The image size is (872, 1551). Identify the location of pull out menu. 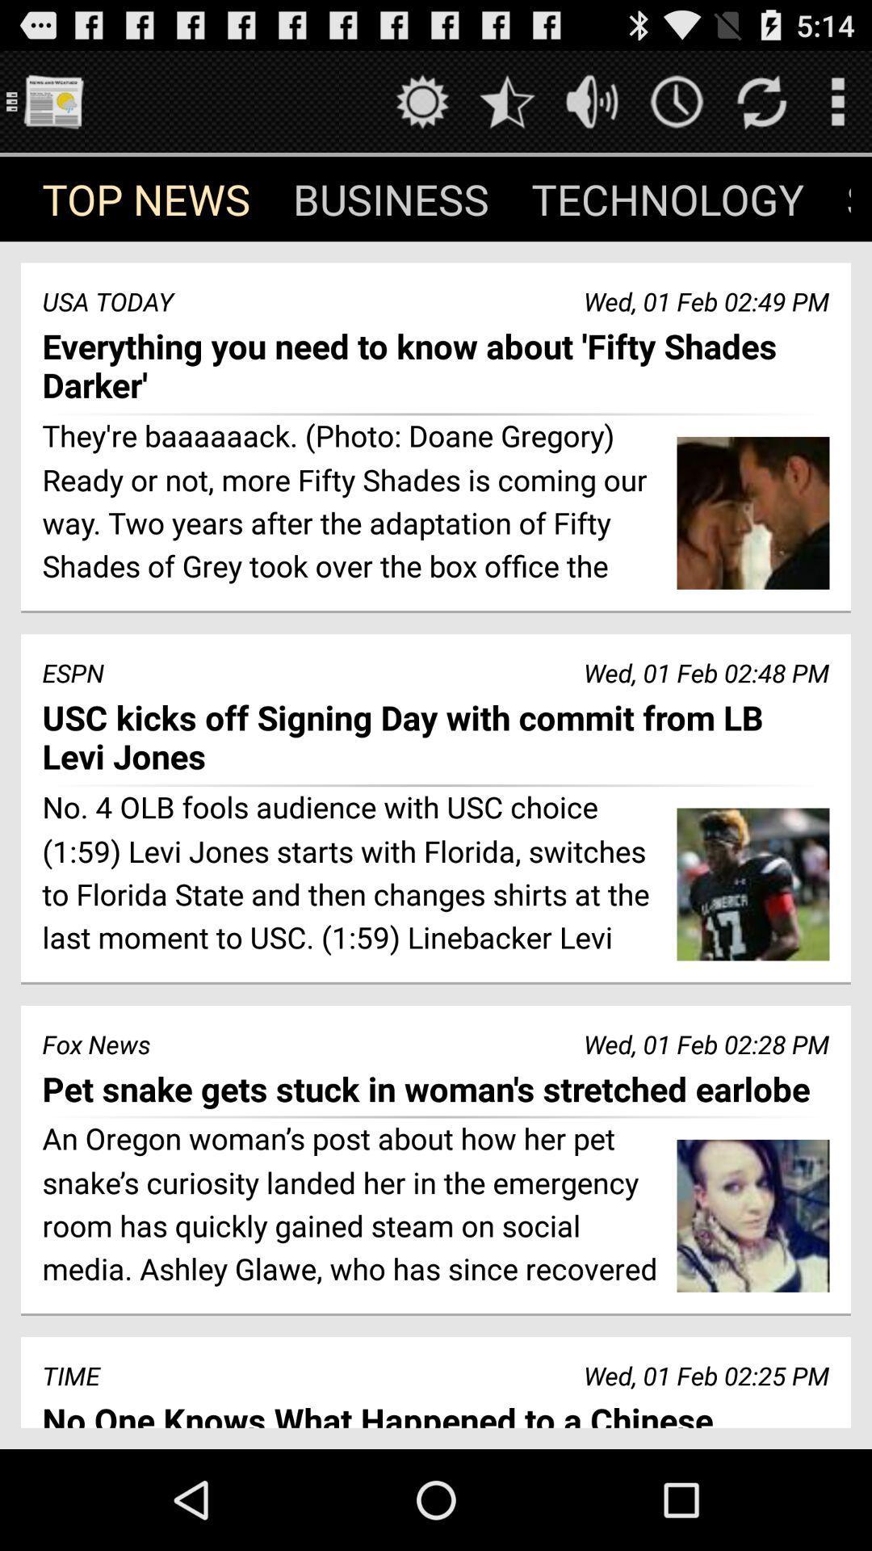
(836, 100).